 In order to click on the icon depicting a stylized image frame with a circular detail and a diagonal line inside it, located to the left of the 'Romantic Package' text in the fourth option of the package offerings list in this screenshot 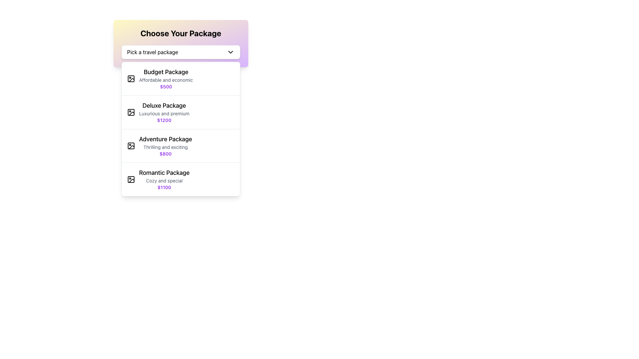, I will do `click(131, 179)`.